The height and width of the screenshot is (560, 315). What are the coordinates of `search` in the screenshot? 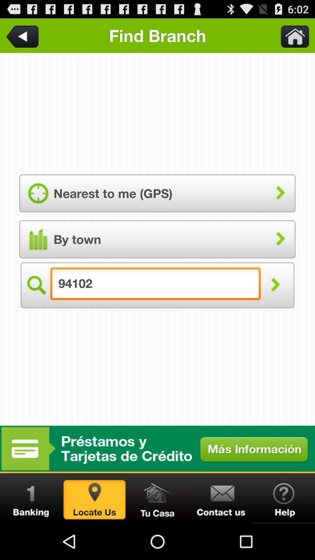 It's located at (36, 285).